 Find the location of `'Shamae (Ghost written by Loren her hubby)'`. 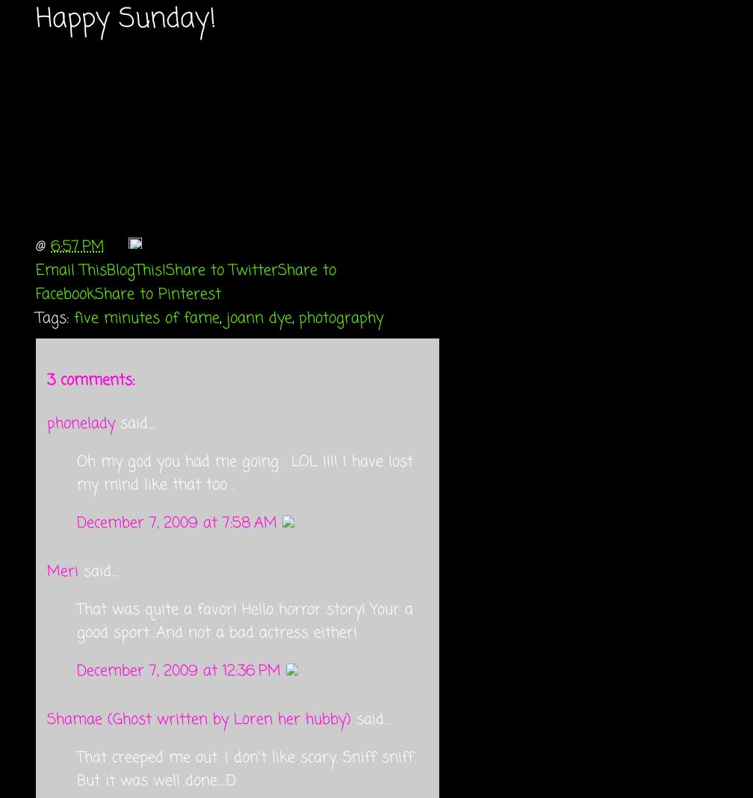

'Shamae (Ghost written by Loren her hubby)' is located at coordinates (47, 719).